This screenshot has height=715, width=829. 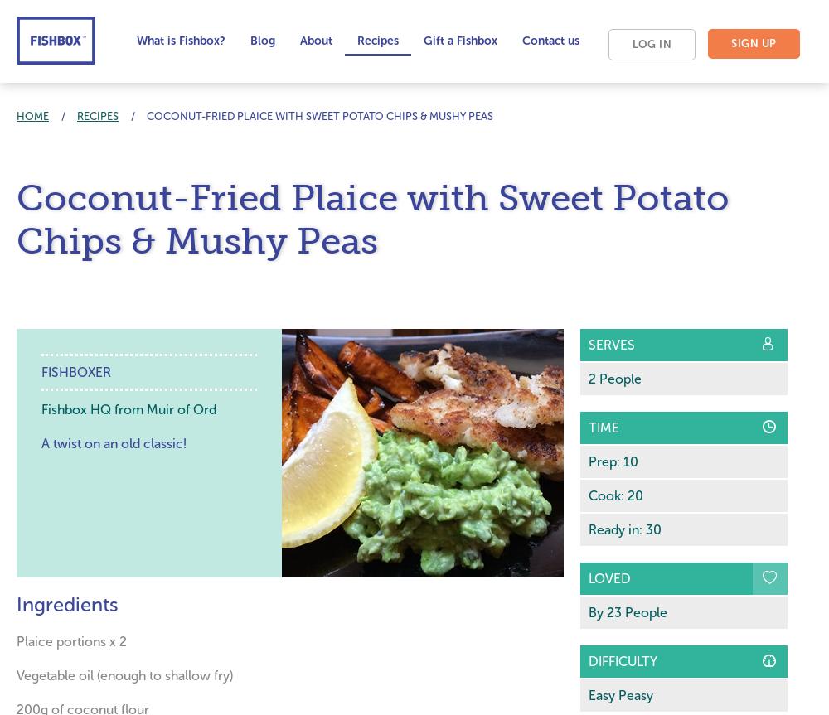 I want to click on 'Plaice portions x 2', so click(x=17, y=640).